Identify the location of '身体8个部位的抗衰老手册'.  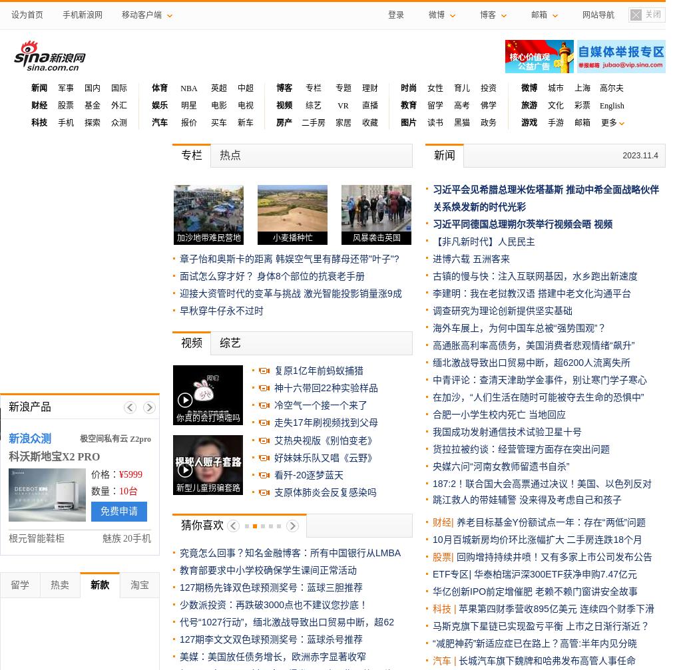
(310, 275).